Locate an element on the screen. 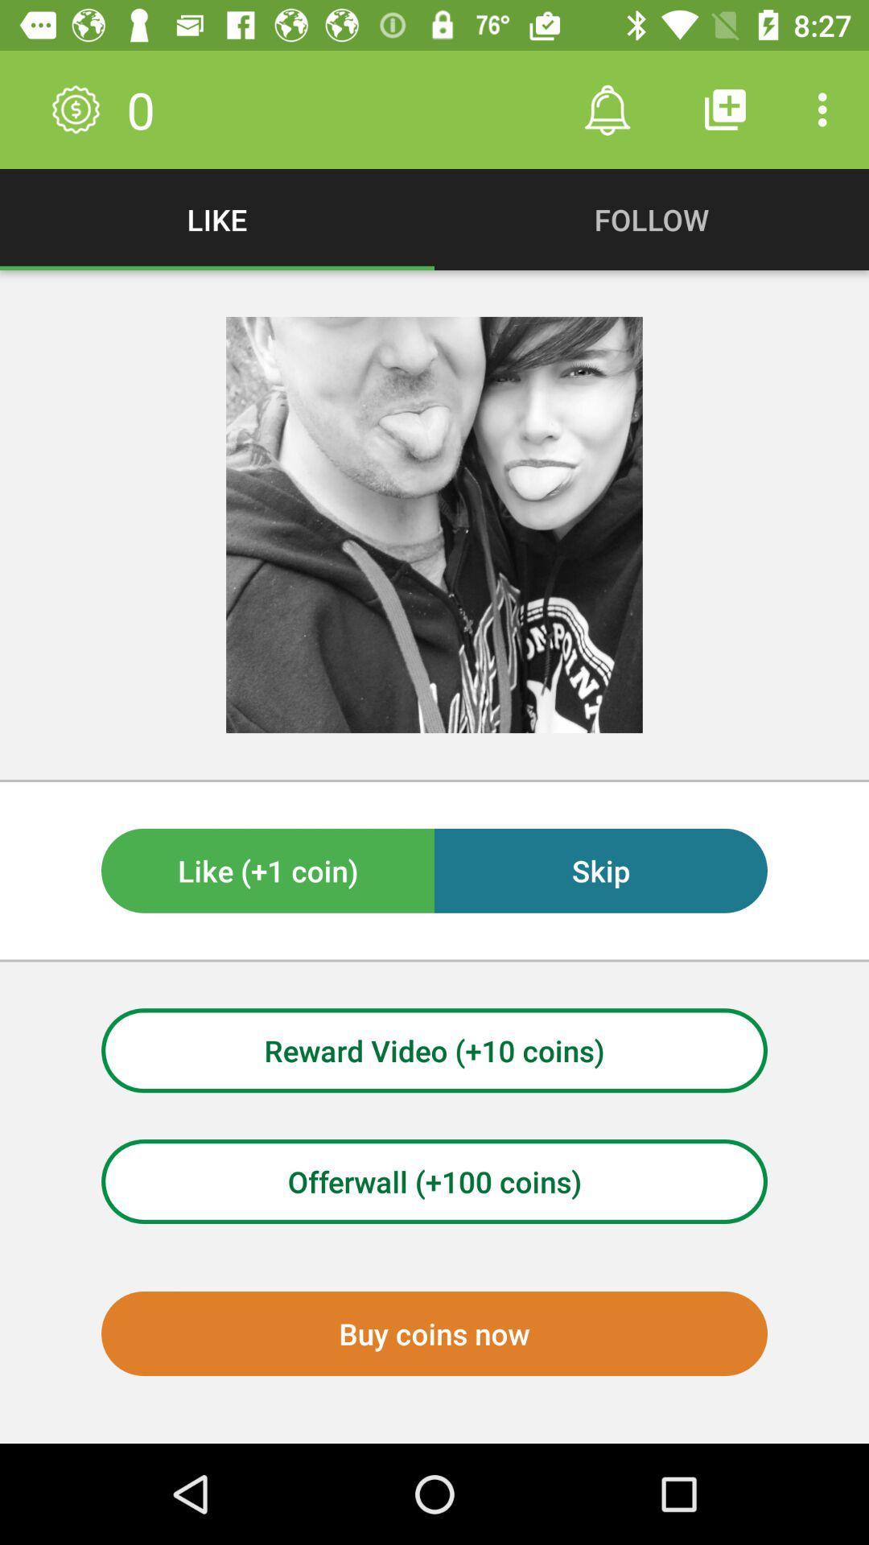 The width and height of the screenshot is (869, 1545). the icon above the offerwall (+100 coins) item is located at coordinates (434, 1050).